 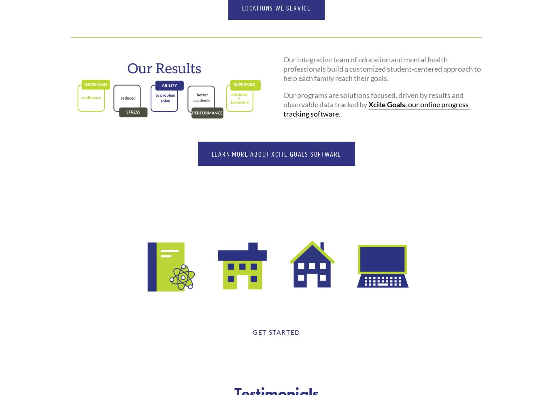 What do you see at coordinates (387, 104) in the screenshot?
I see `'Xcite Goals'` at bounding box center [387, 104].